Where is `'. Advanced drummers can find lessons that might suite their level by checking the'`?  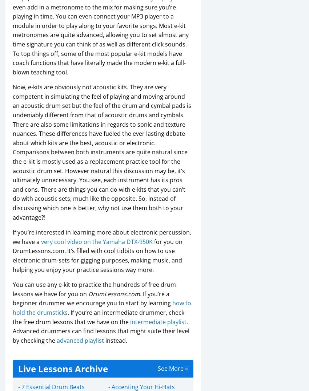 '. Advanced drummers can find lessons that might suite their level by checking the' is located at coordinates (101, 331).